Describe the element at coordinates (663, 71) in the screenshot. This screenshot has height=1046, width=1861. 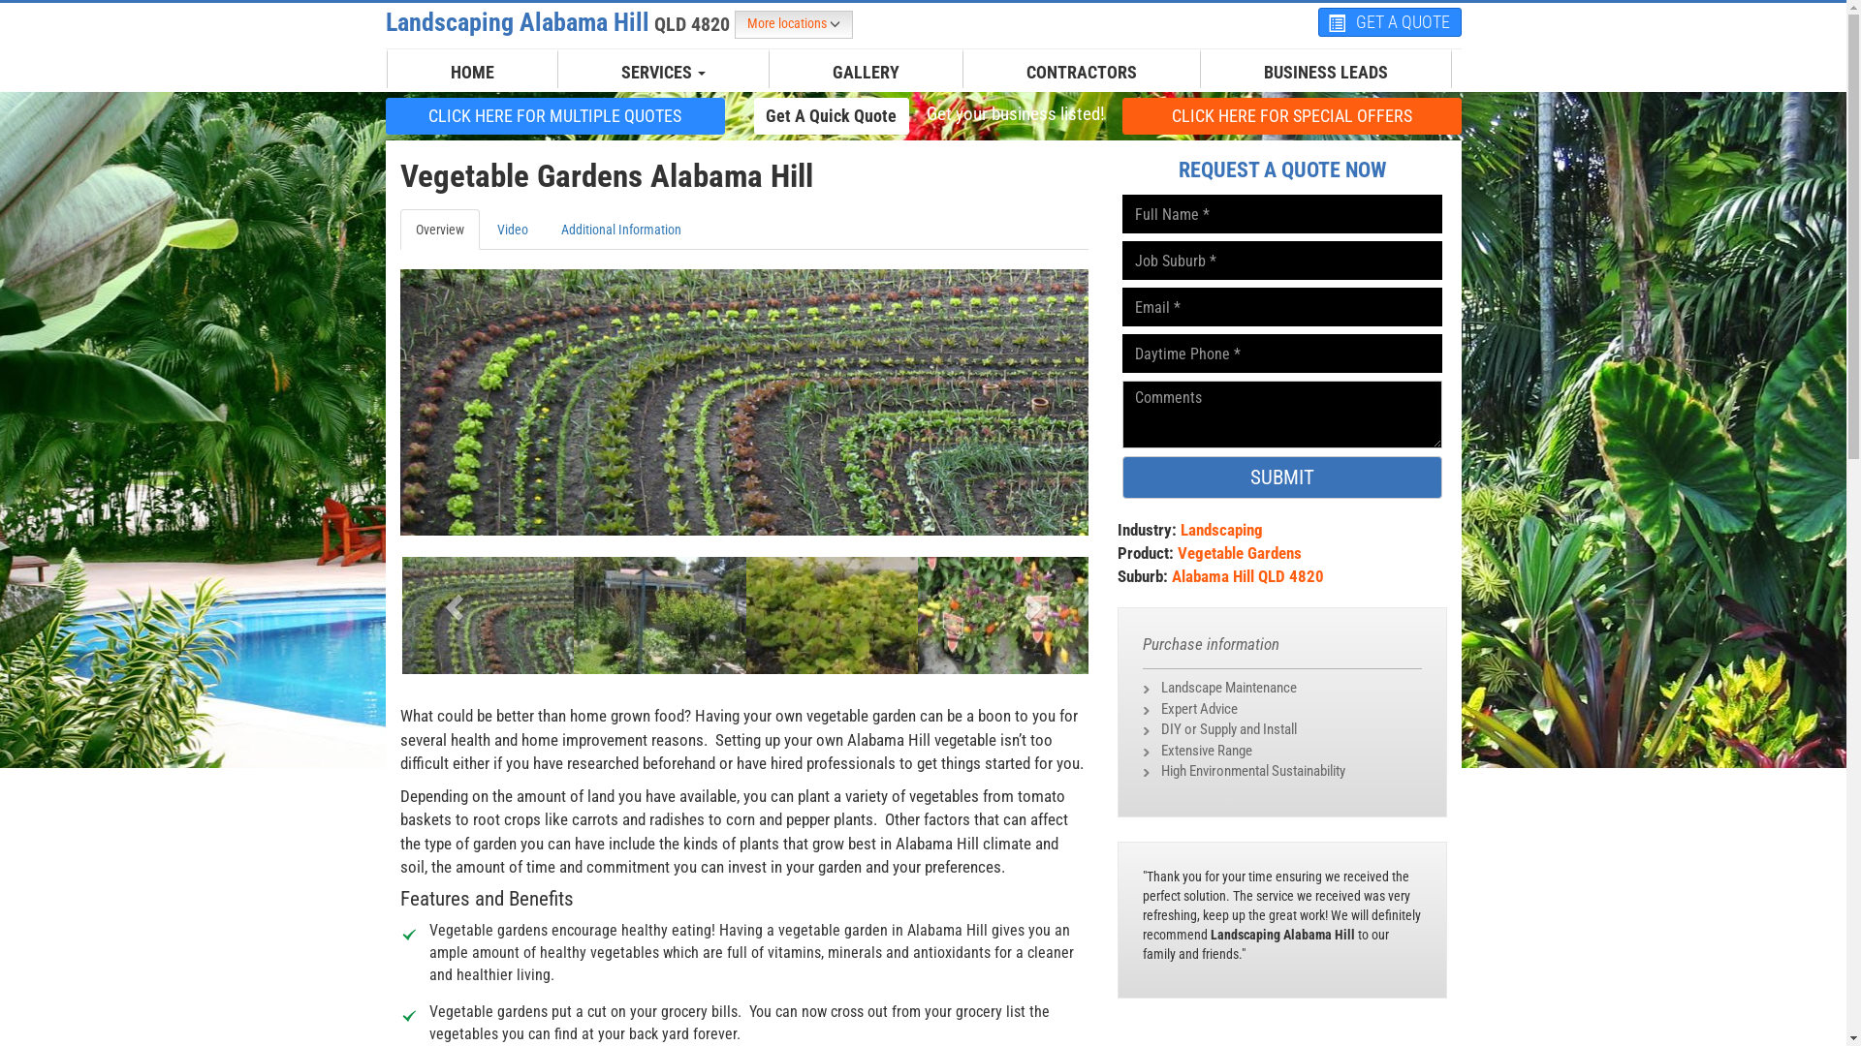
I see `'SERVICES'` at that location.